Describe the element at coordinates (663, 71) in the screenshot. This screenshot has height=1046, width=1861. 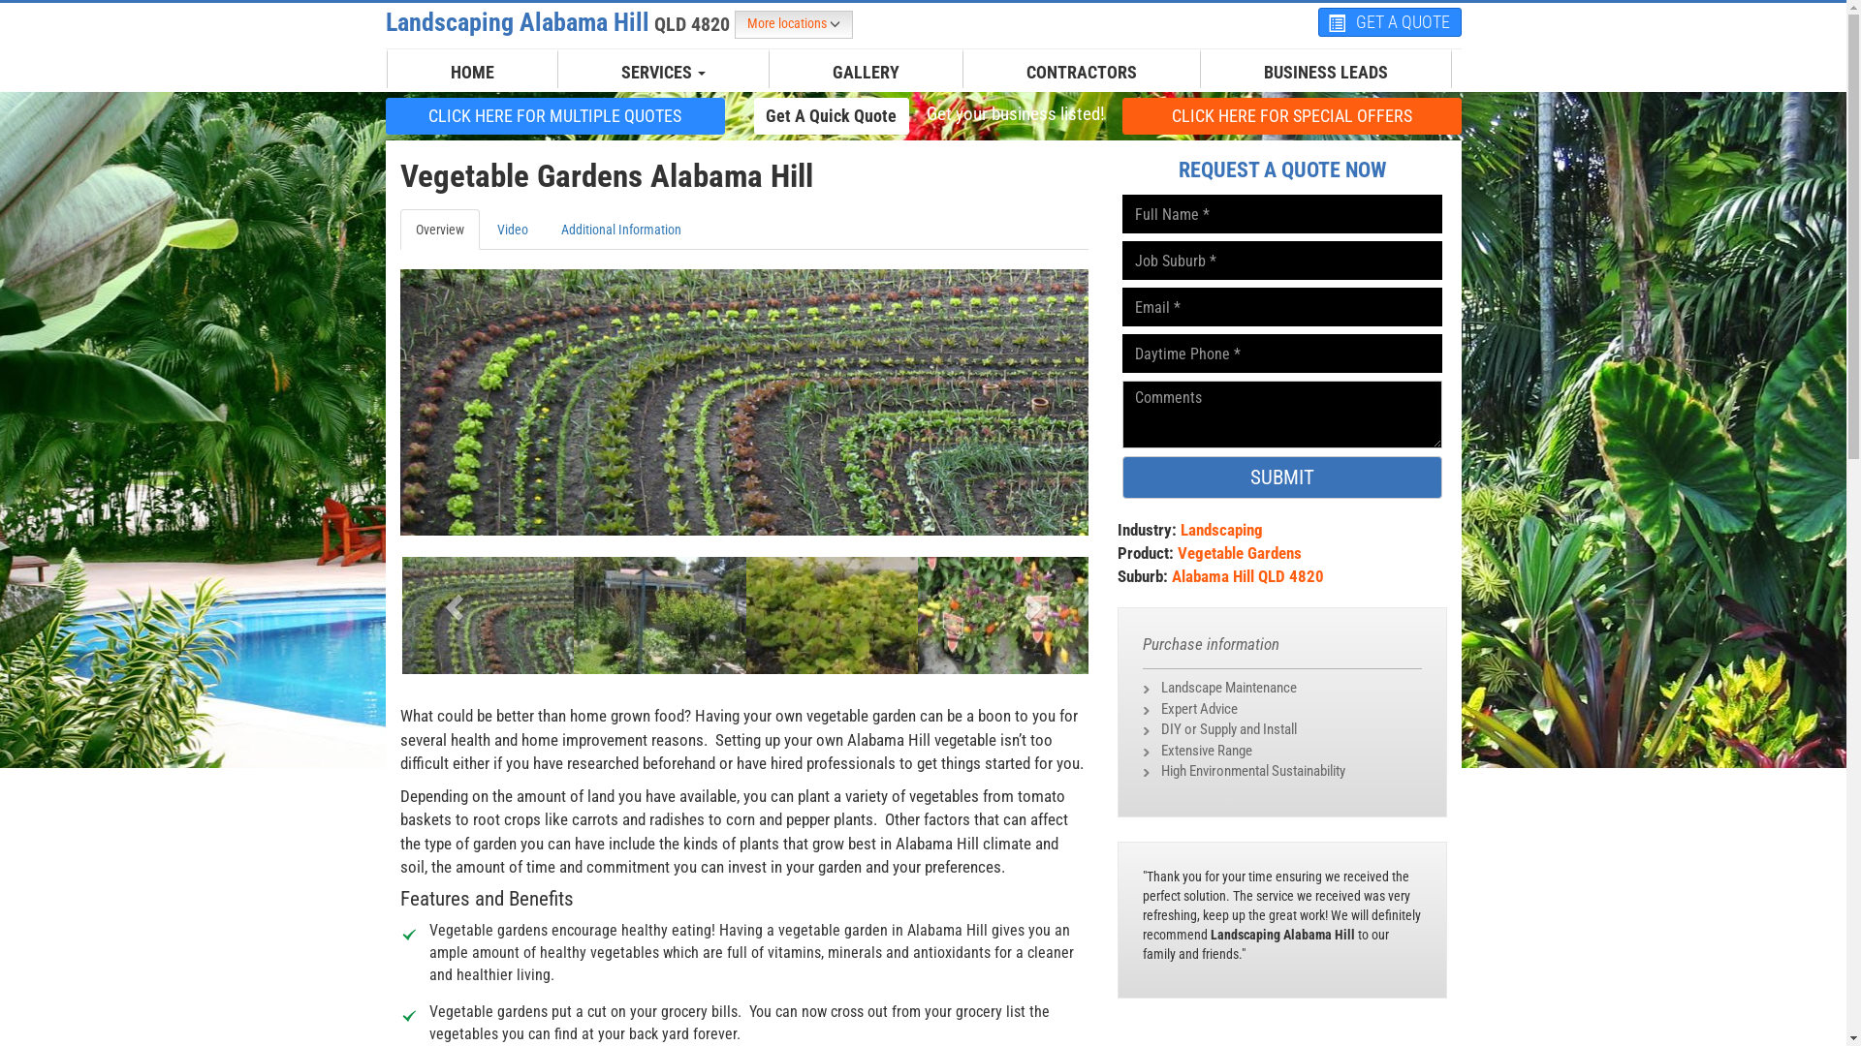
I see `'SERVICES'` at that location.